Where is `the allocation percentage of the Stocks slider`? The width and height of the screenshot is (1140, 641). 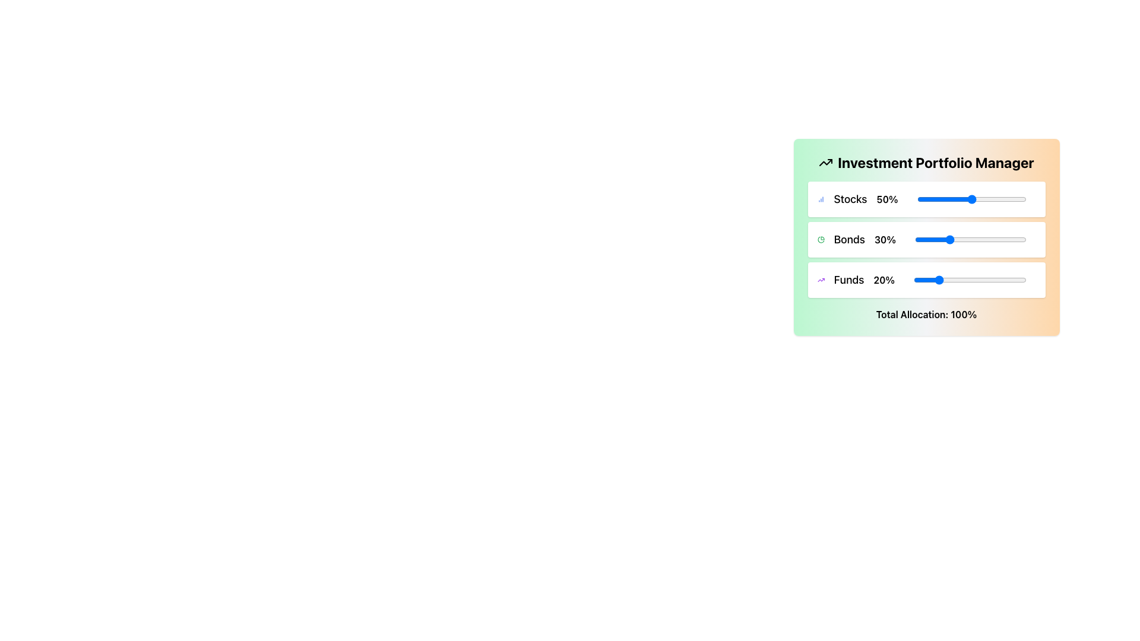
the allocation percentage of the Stocks slider is located at coordinates (989, 198).